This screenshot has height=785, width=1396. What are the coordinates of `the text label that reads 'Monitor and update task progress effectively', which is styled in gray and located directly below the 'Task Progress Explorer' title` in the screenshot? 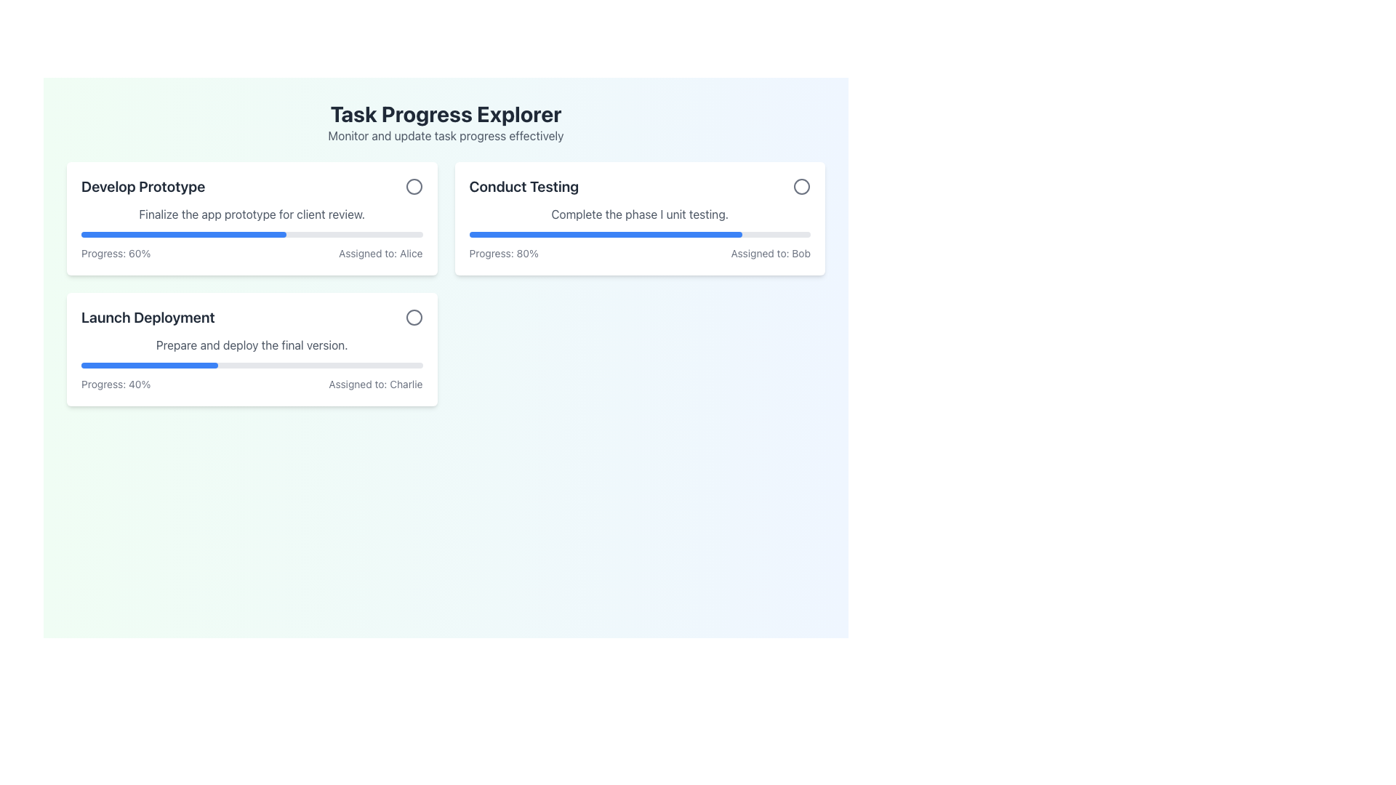 It's located at (445, 135).